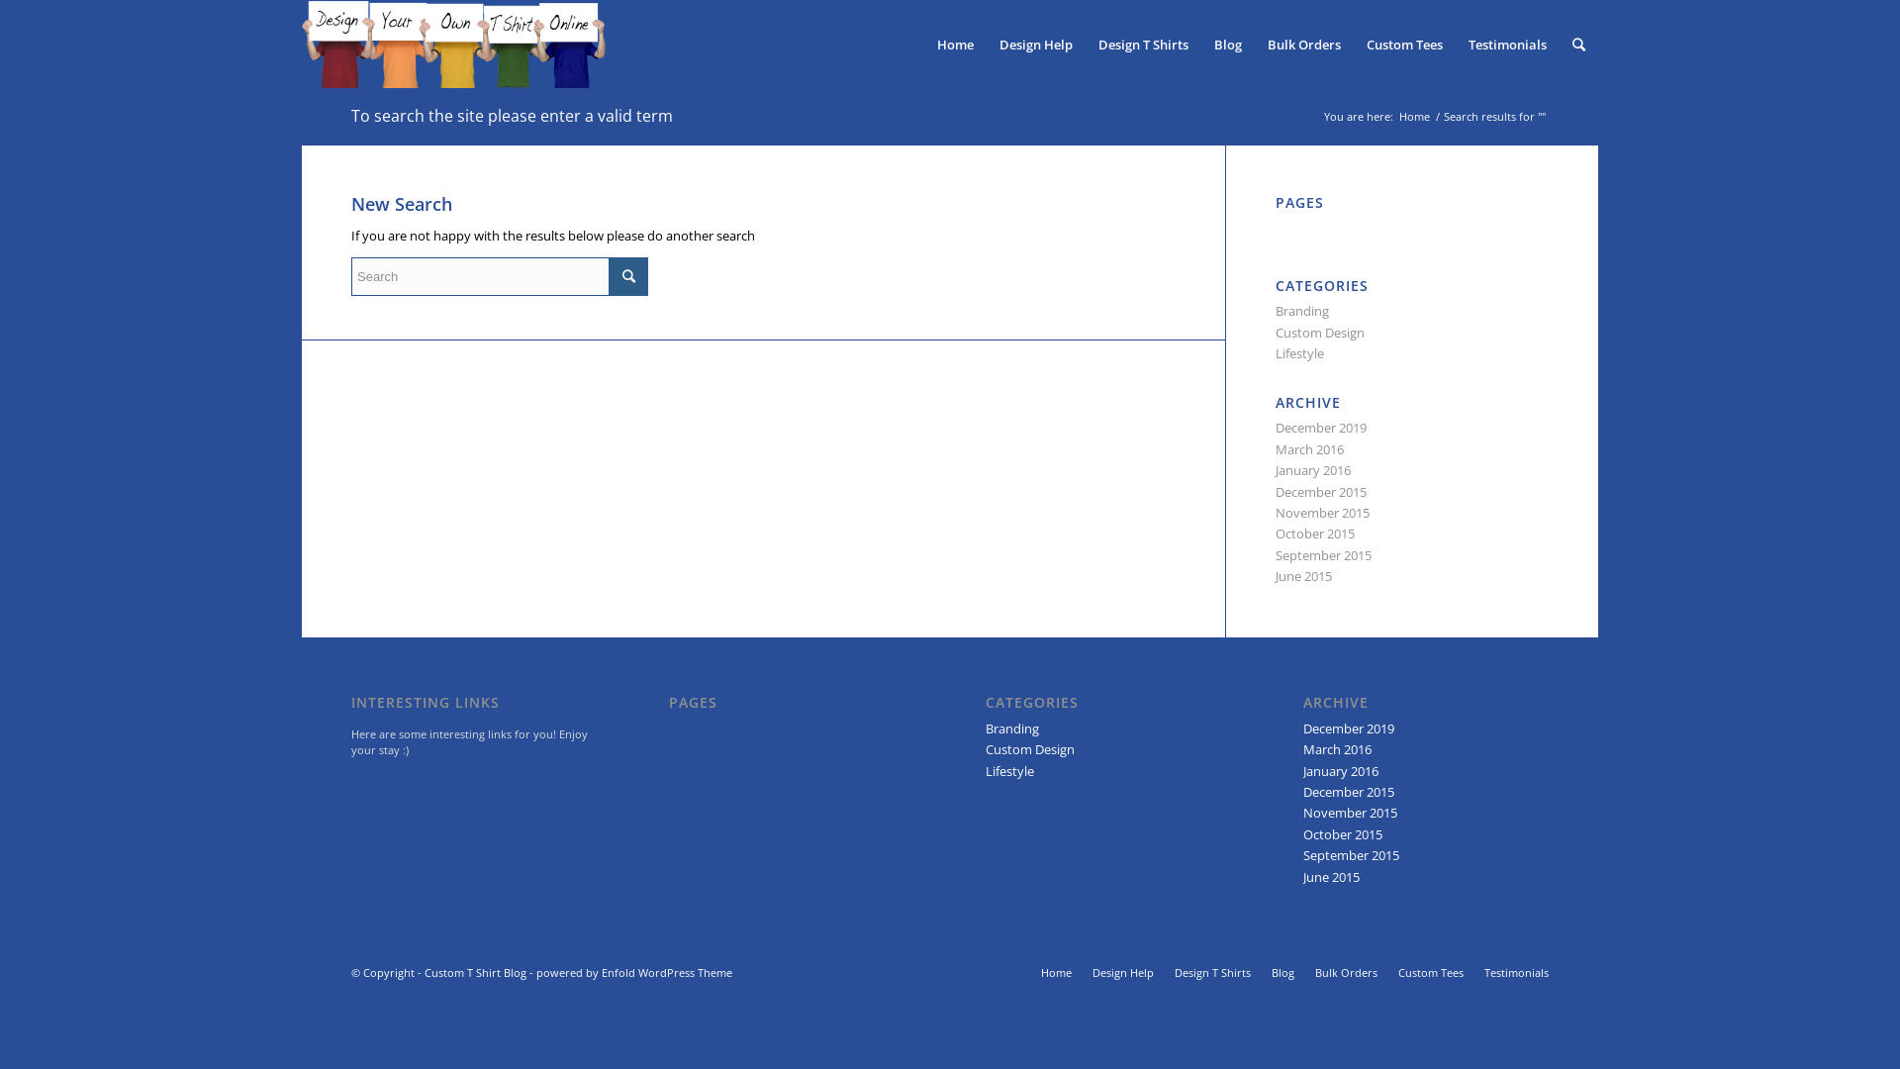  What do you see at coordinates (634, 971) in the screenshot?
I see `'powered by Enfold WordPress Theme'` at bounding box center [634, 971].